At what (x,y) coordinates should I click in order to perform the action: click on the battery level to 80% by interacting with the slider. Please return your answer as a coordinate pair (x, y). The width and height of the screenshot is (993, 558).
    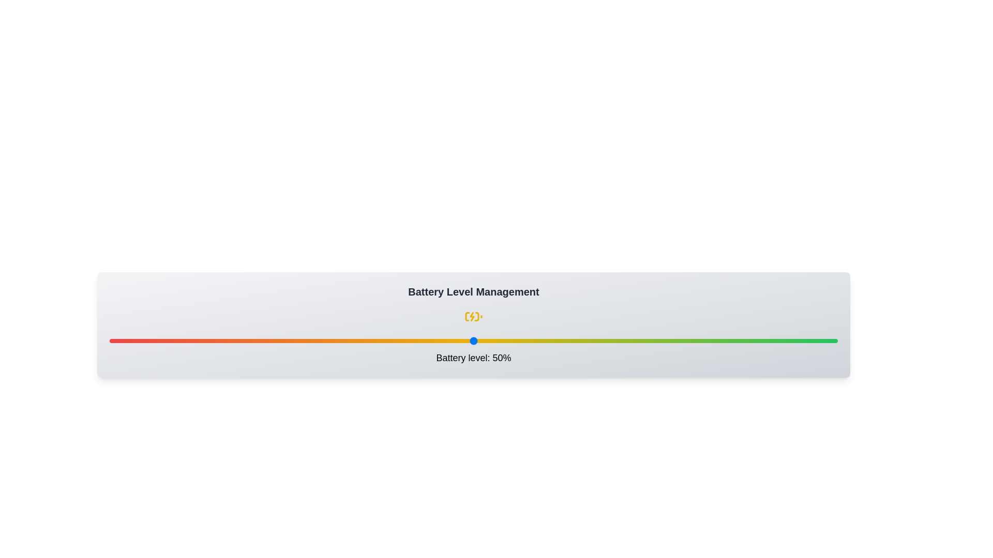
    Looking at the image, I should click on (692, 340).